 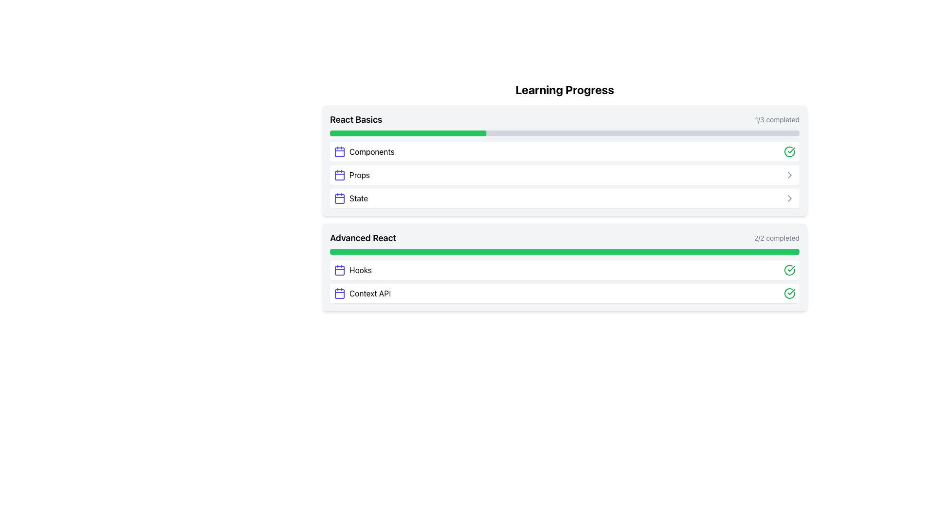 I want to click on the Text Label displaying '1/3 completed', which is styled in gray and positioned on the right side of the 'Learning Progress' section, so click(x=777, y=119).